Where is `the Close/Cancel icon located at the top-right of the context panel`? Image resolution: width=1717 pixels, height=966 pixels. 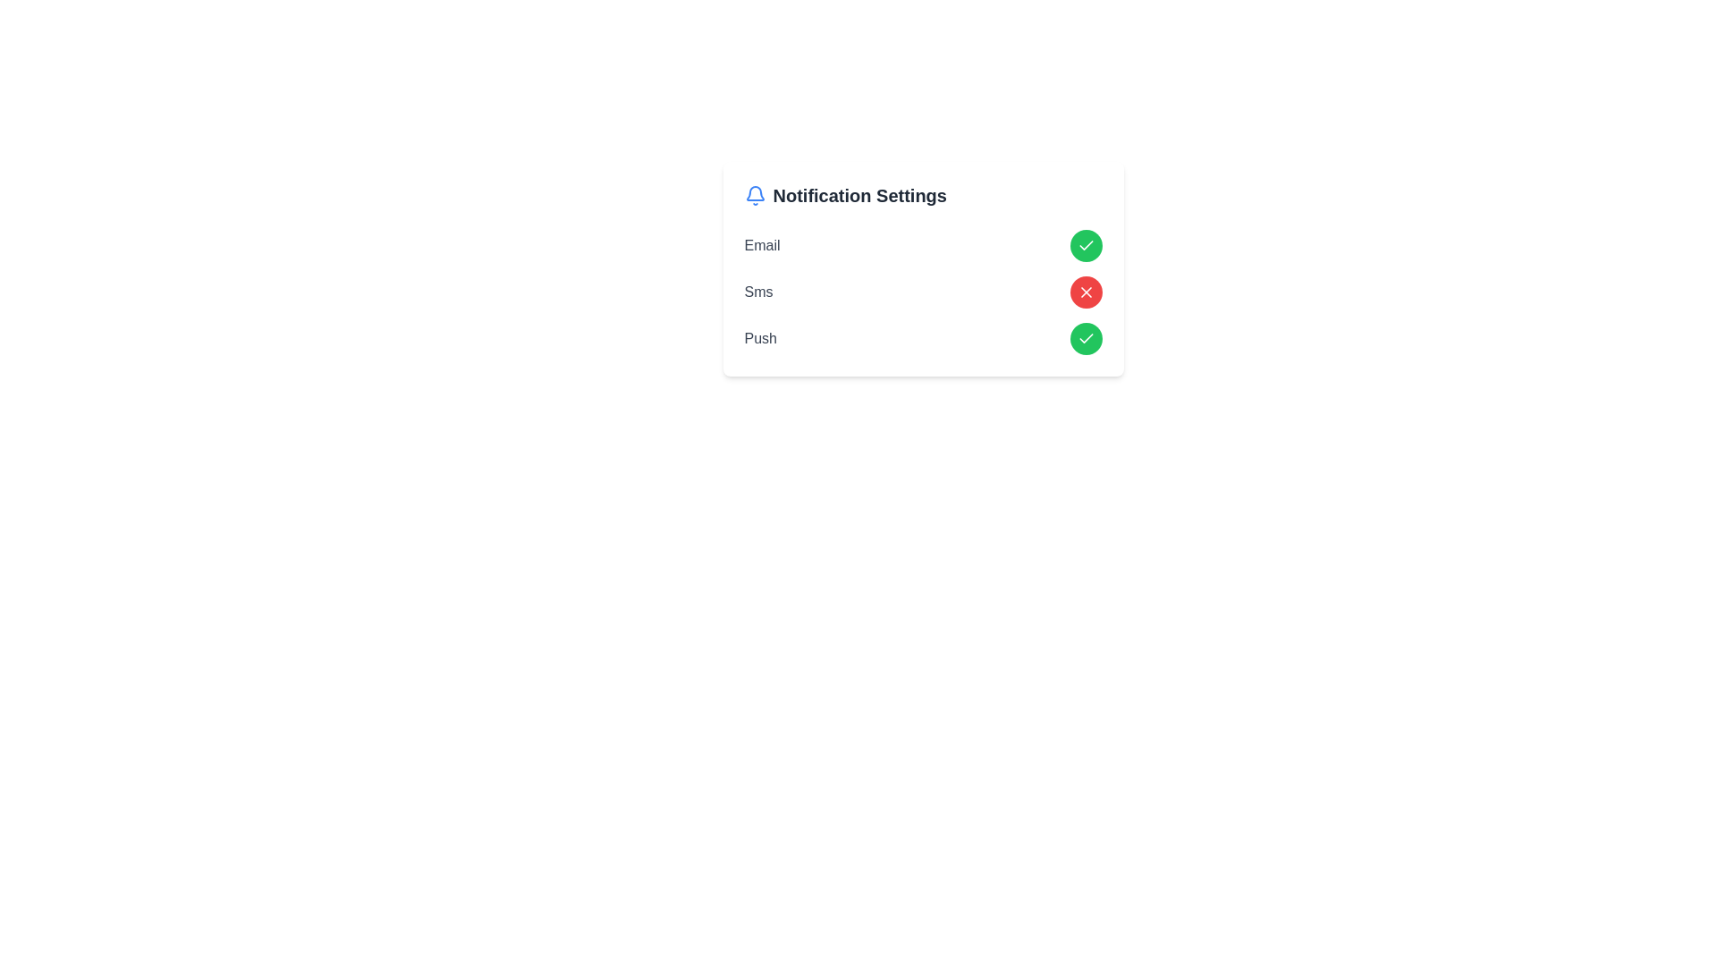 the Close/Cancel icon located at the top-right of the context panel is located at coordinates (1085, 292).